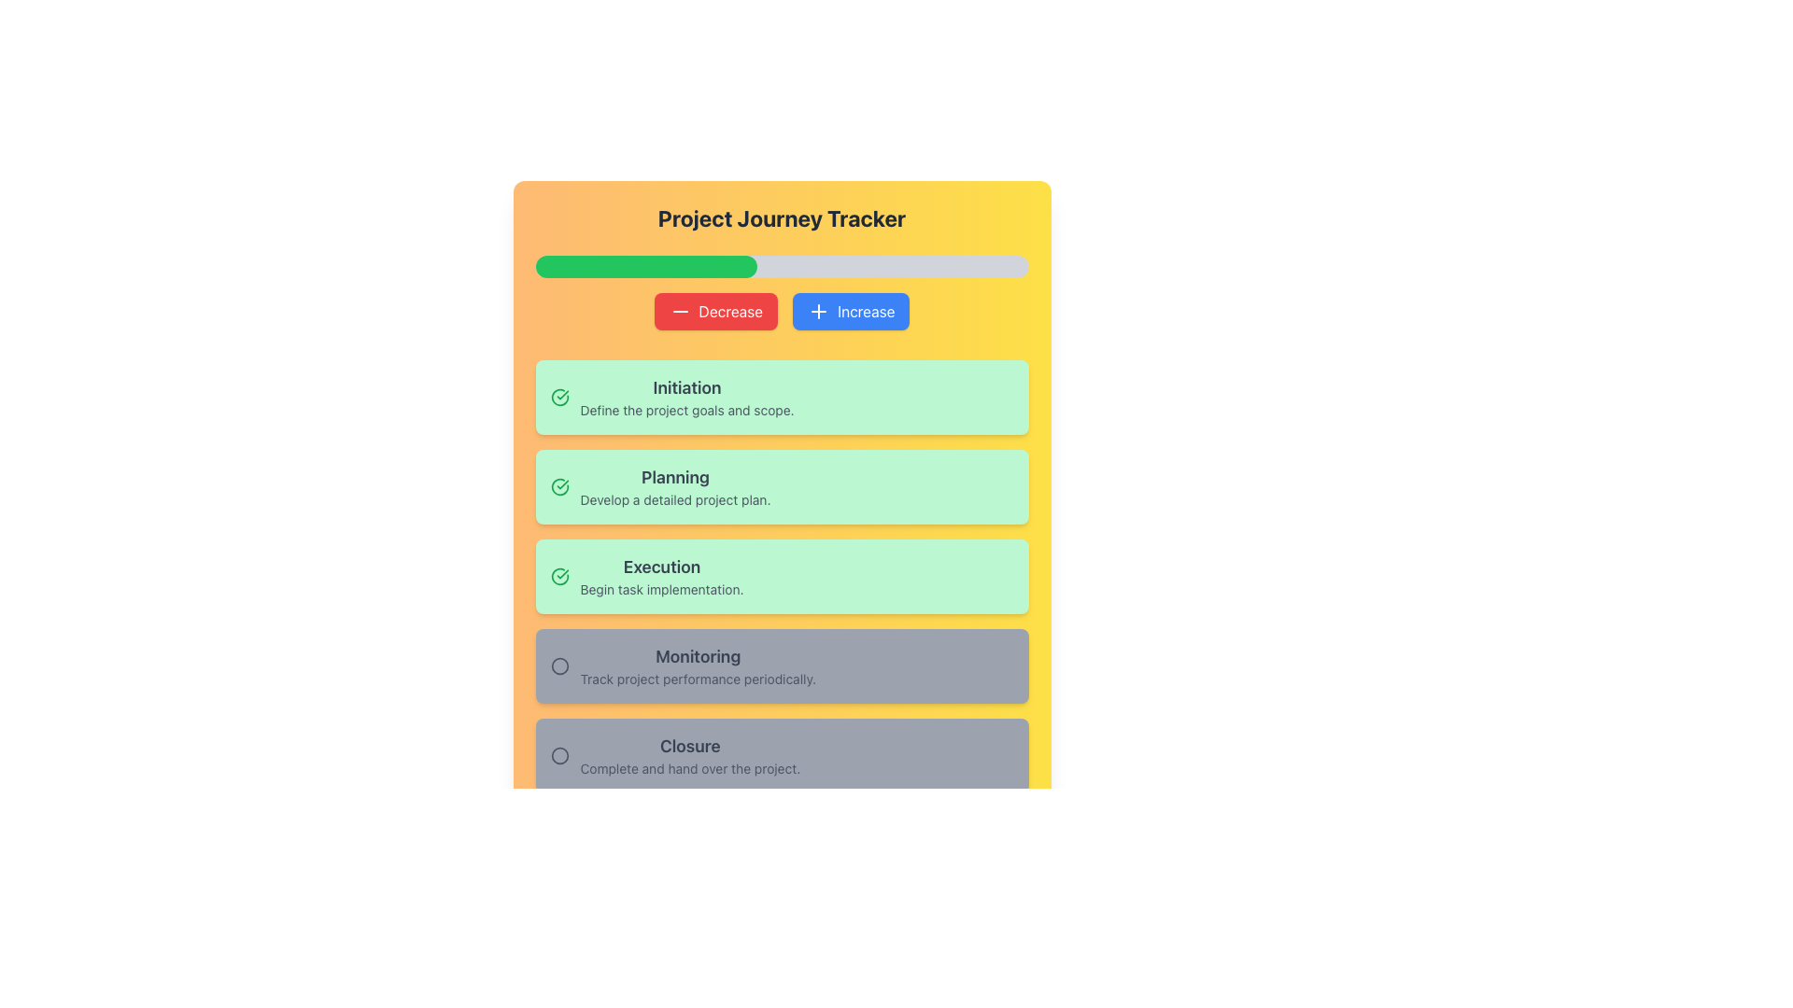 The height and width of the screenshot is (1008, 1793). What do you see at coordinates (782, 756) in the screenshot?
I see `the 'Closure' status indicator located at the bottom of the vertically stacked list of status blocks` at bounding box center [782, 756].